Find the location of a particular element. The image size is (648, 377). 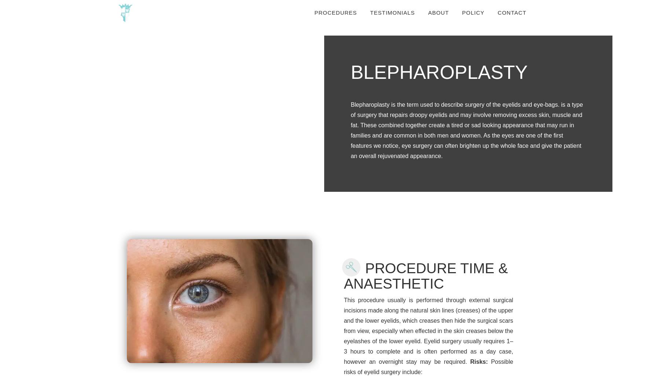

'Blepharoplasty is the term used to describe surgery of the eyelids and eye-bags. is a type of surgery that repairs droopy eyelids and may involve removing excess skin, muscle and fat. These combined together create a tired or sad looking appearance that may run in families and are common in both men and women. As the eyes are one of the first features we notice, eye surgery can often brighten up the whole face and give the patient an overall rejuvenated appearance.' is located at coordinates (466, 130).